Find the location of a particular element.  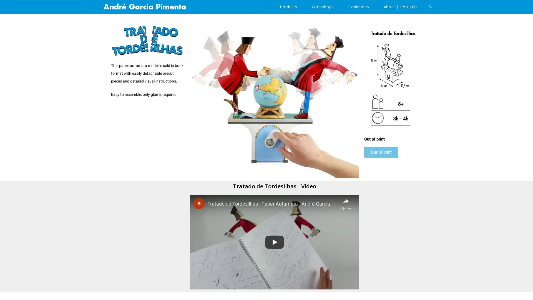

Out of print is located at coordinates (381, 152).